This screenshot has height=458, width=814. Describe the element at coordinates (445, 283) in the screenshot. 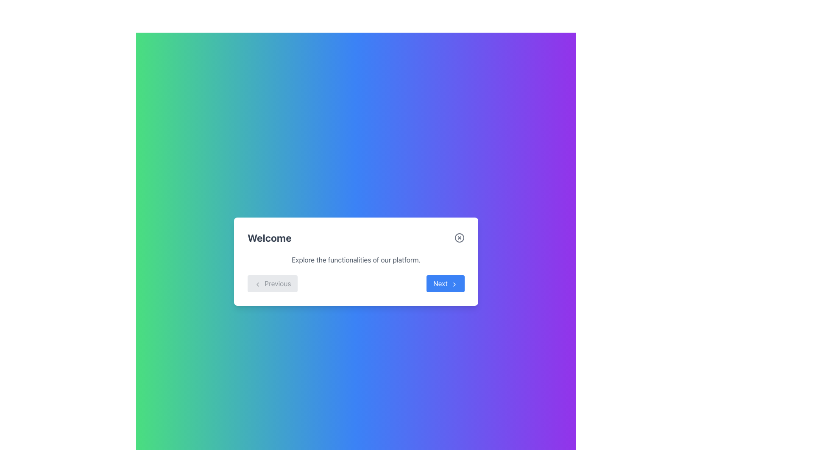

I see `the 'Next' button, which is a rectangular button with a blue background and white text, located in the bottom-right section of a modal dialog` at that location.